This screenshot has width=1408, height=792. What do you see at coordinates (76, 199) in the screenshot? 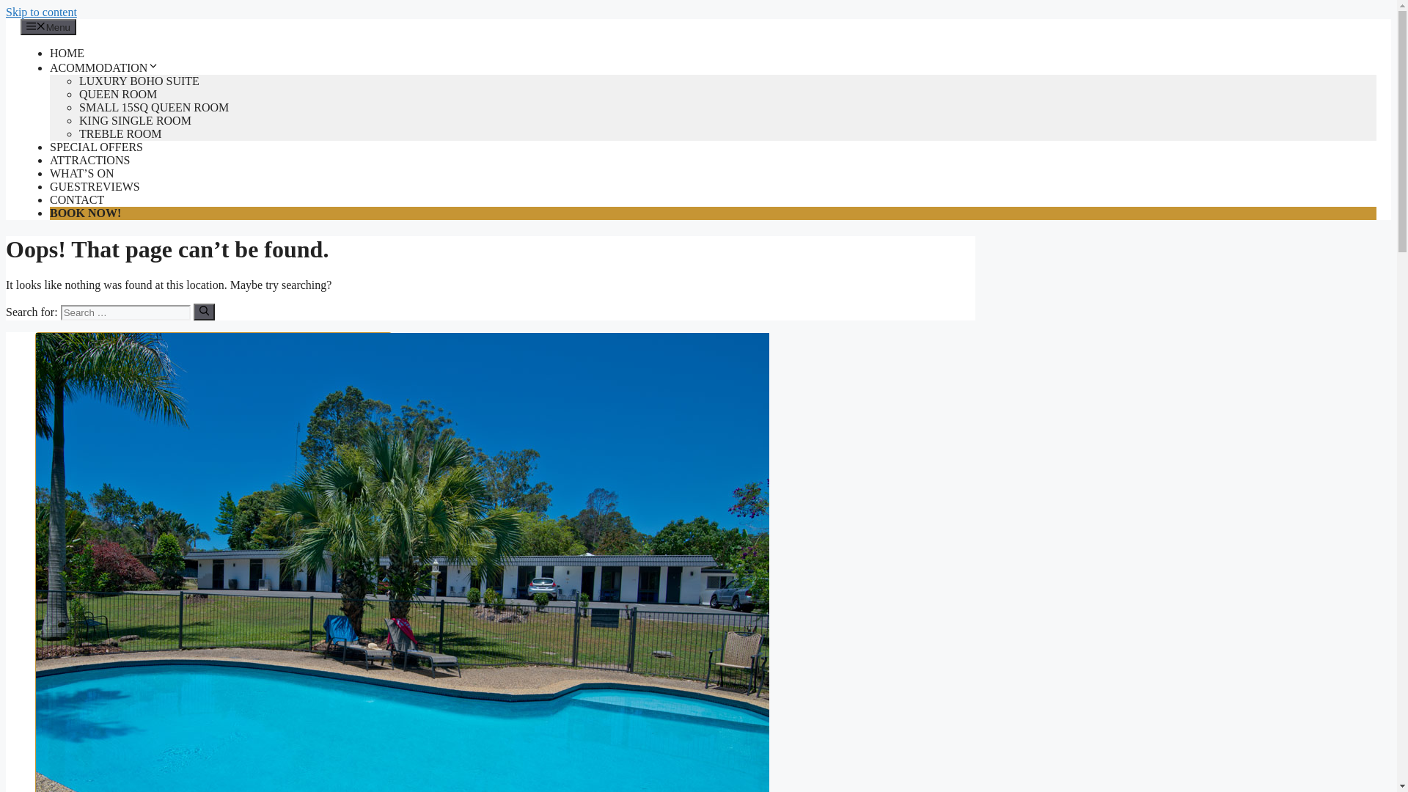
I see `'CONTACT'` at bounding box center [76, 199].